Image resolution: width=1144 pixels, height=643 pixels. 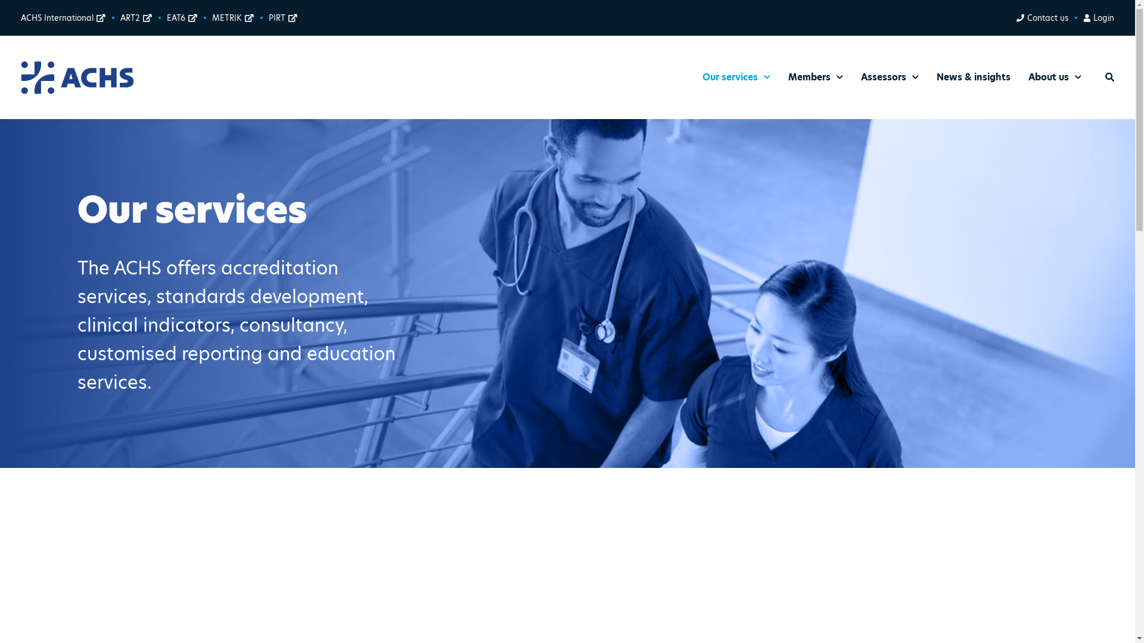 I want to click on 'ART2', so click(x=136, y=18).